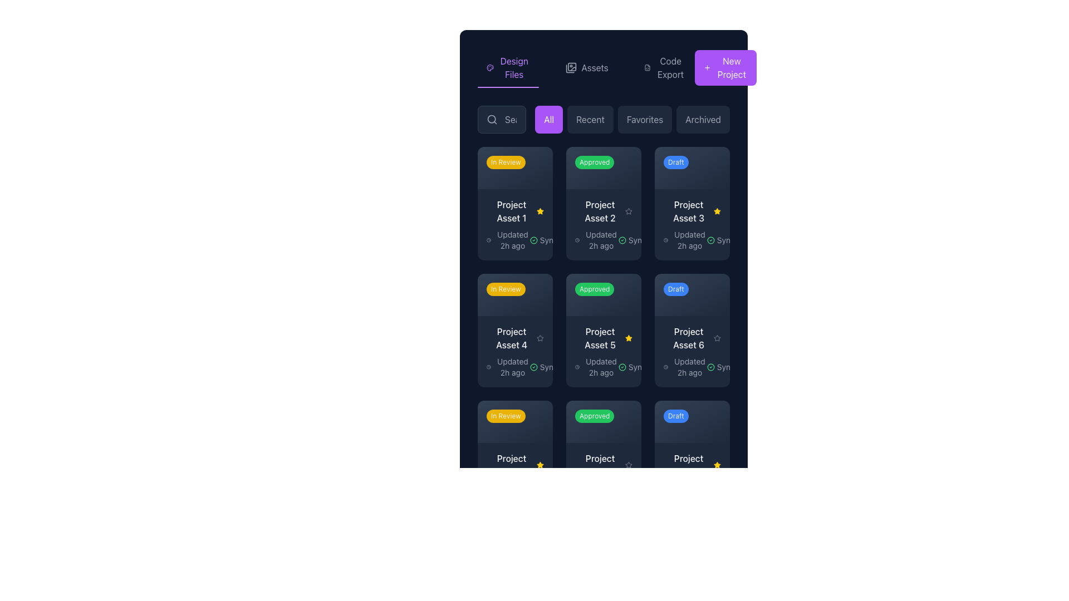 Image resolution: width=1069 pixels, height=601 pixels. What do you see at coordinates (533, 367) in the screenshot?
I see `the small circular icon with a green stroke and a white checkmark inside, located in the 'Synced' area under the 'Project Asset 4' card` at bounding box center [533, 367].